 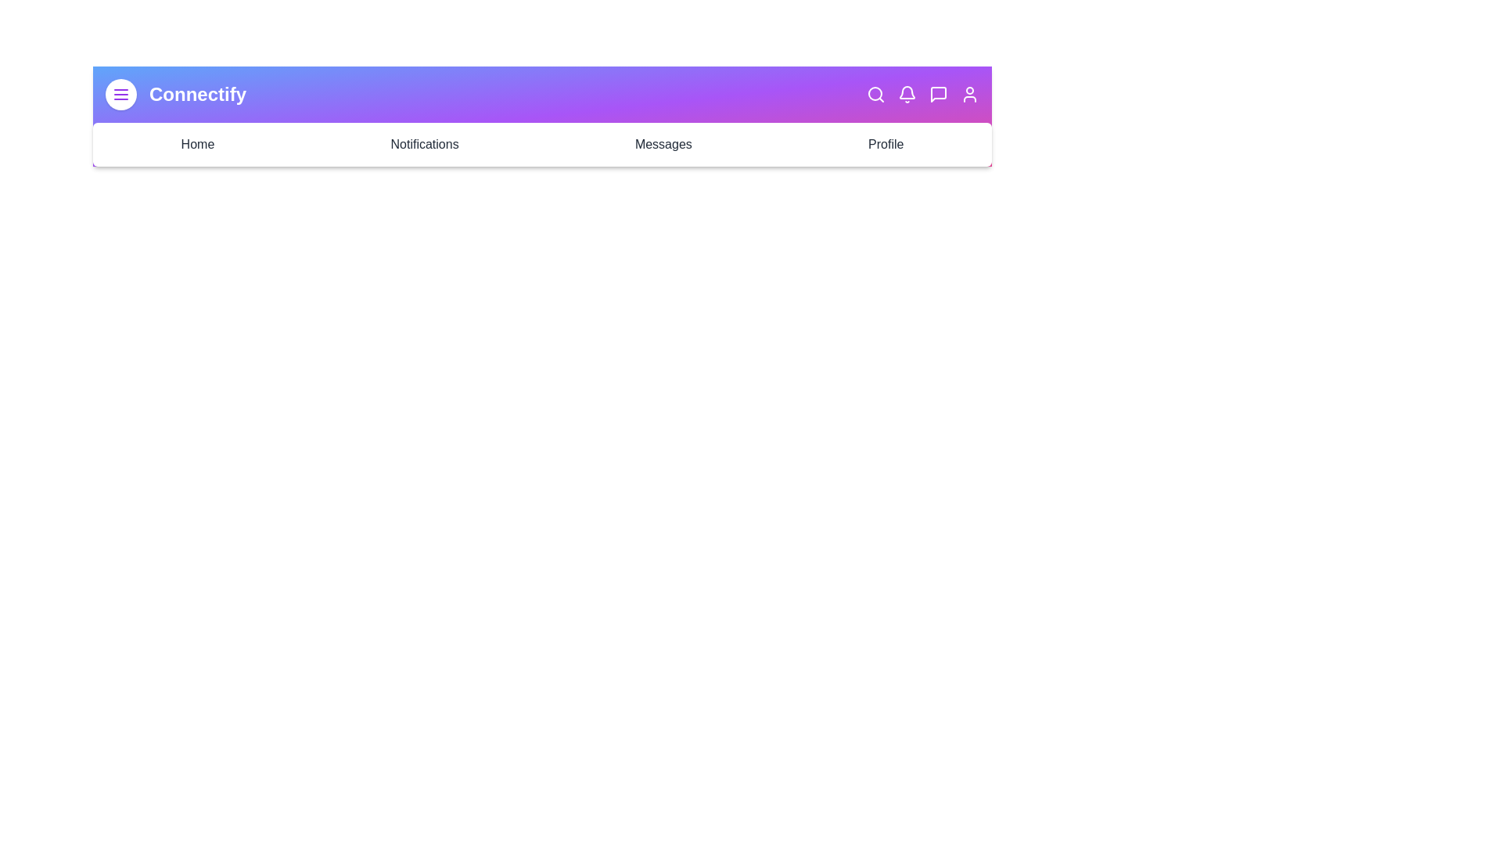 What do you see at coordinates (425, 145) in the screenshot?
I see `the menu item labeled Notifications to navigate to the corresponding section` at bounding box center [425, 145].